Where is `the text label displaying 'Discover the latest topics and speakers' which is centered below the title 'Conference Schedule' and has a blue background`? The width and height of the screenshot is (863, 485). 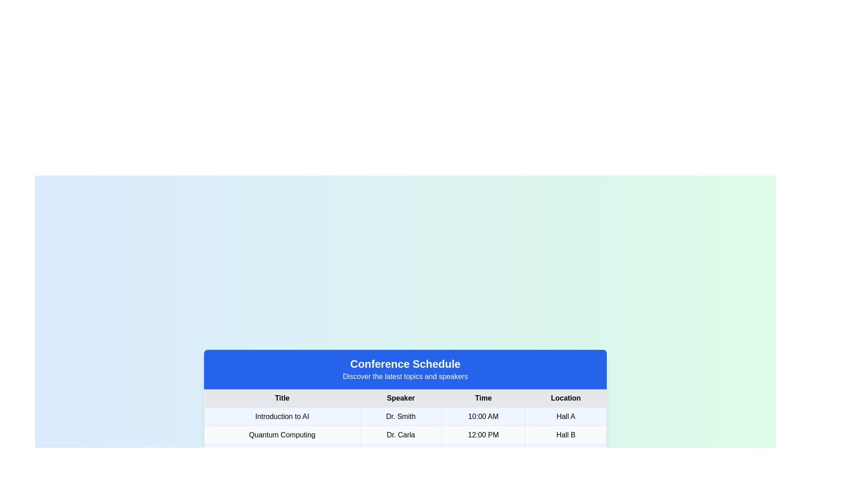 the text label displaying 'Discover the latest topics and speakers' which is centered below the title 'Conference Schedule' and has a blue background is located at coordinates (405, 377).